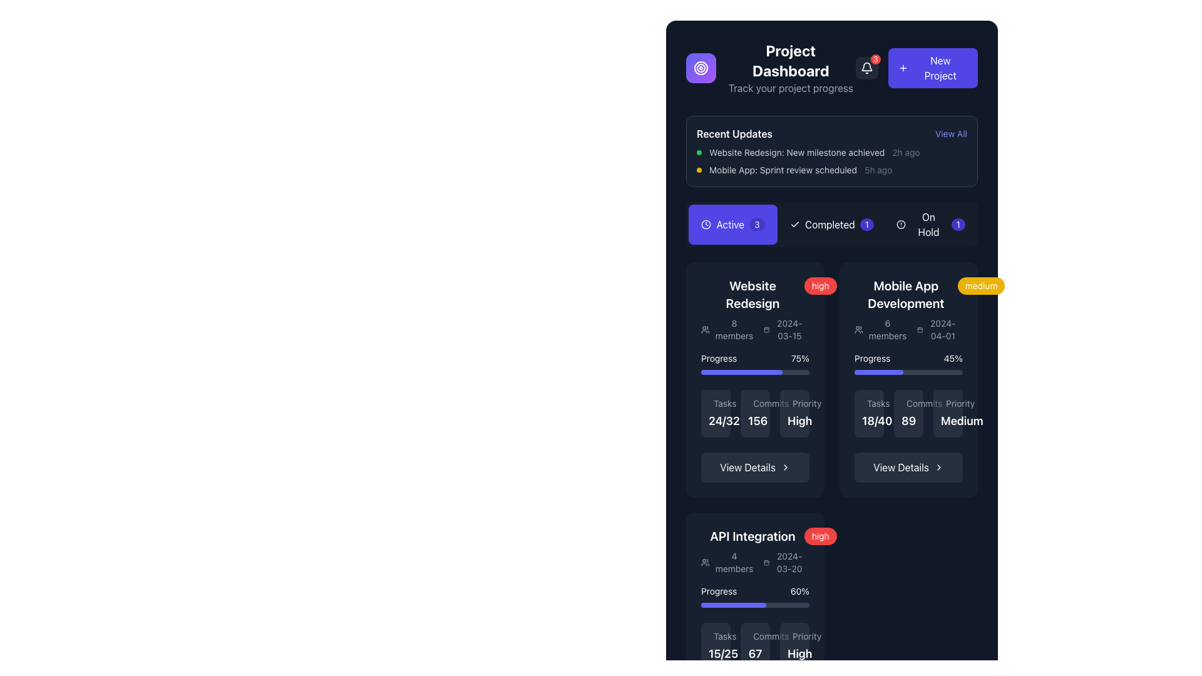  What do you see at coordinates (706, 223) in the screenshot?
I see `the clock icon, which is styled with a circular outline and located within the 'Active' button, to the left of the 'Active' label text and number '3'` at bounding box center [706, 223].